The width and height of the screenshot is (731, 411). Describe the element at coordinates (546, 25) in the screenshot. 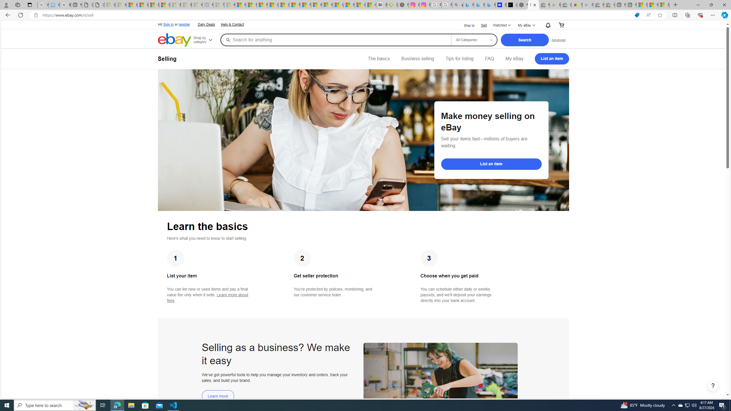

I see `'Notifications'` at that location.